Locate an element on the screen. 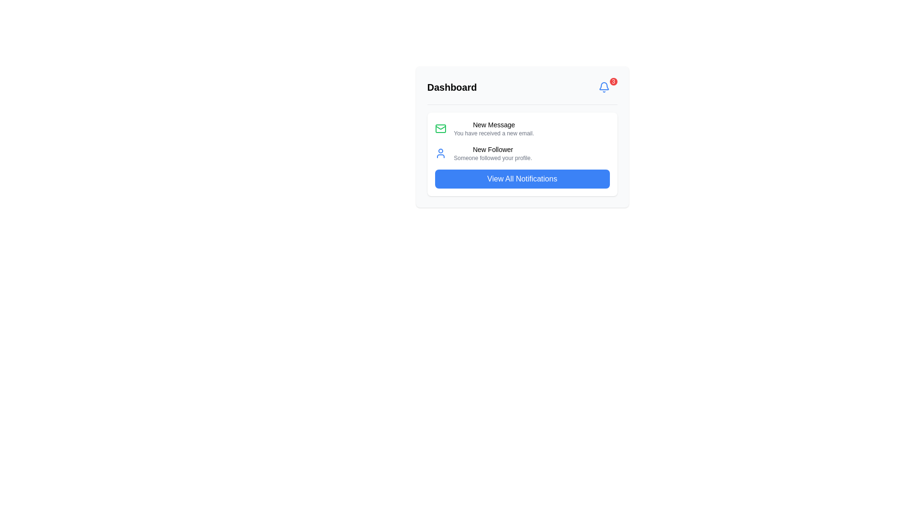  notification details from the green envelope icon labeled 'New Message' with the description 'You have received a new email.' is located at coordinates (522, 128).